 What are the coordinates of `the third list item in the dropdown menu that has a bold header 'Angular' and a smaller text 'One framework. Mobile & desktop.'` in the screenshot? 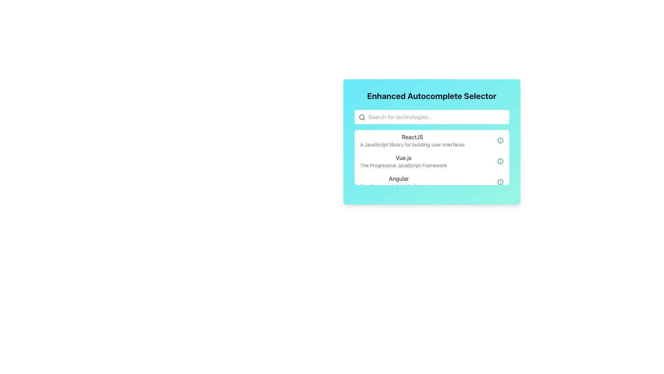 It's located at (431, 181).